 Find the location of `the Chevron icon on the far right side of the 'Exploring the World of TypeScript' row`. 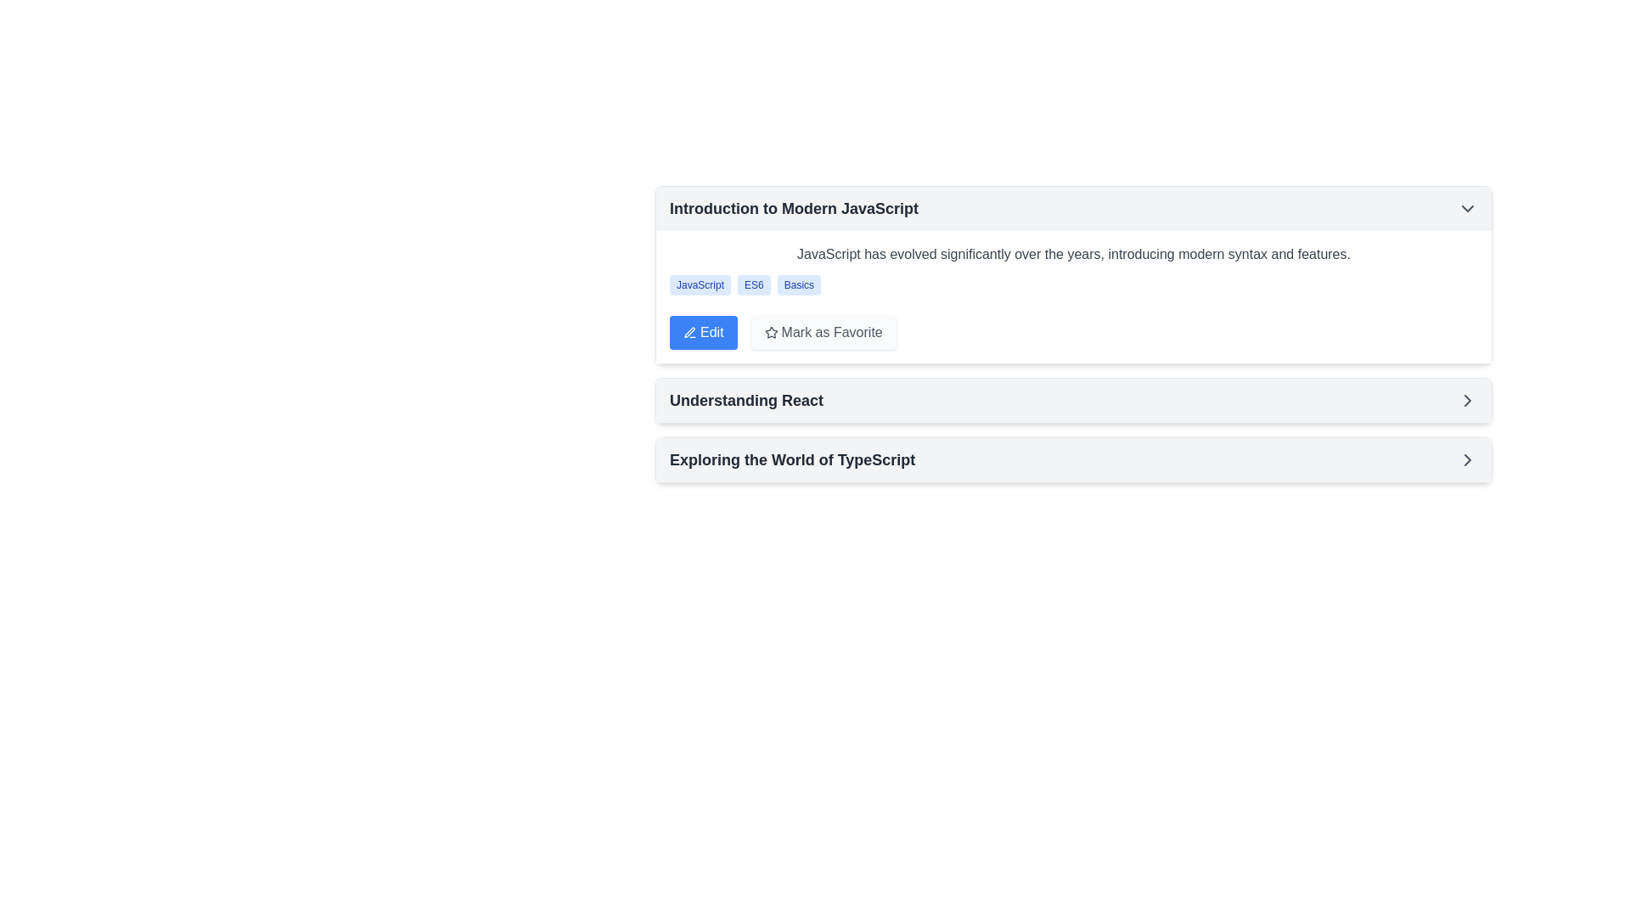

the Chevron icon on the far right side of the 'Exploring the World of TypeScript' row is located at coordinates (1466, 460).